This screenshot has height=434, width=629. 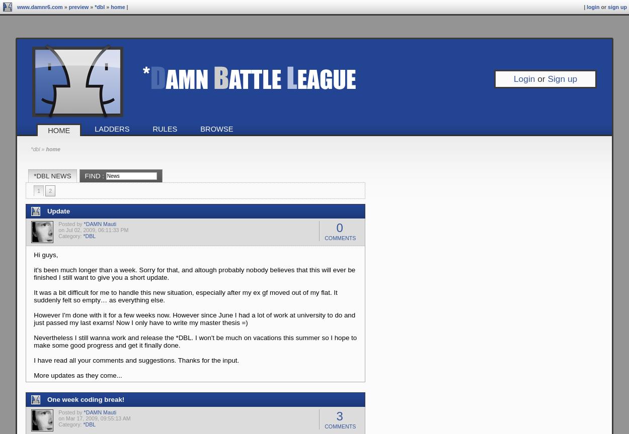 What do you see at coordinates (52, 175) in the screenshot?
I see `'*DBL News'` at bounding box center [52, 175].